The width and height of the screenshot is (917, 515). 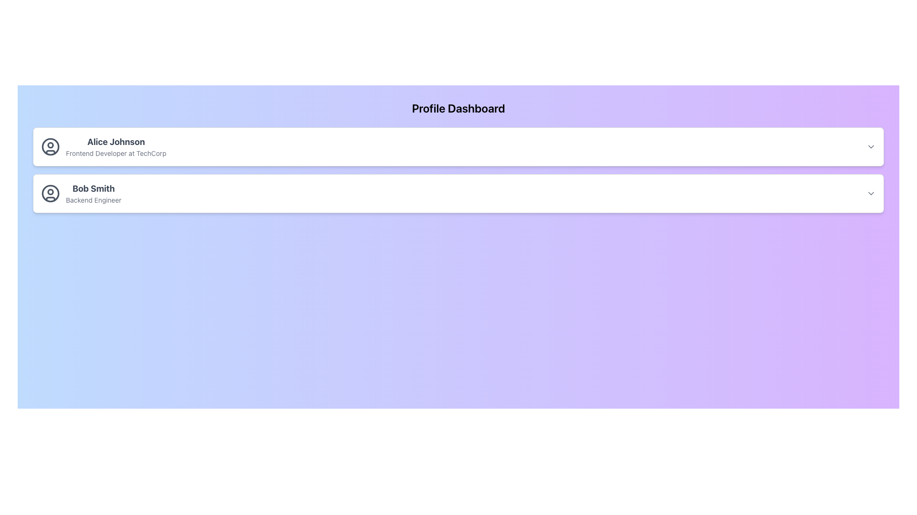 What do you see at coordinates (94, 200) in the screenshot?
I see `the Text label displaying the job title of 'Bob Smith' for accessibility tools` at bounding box center [94, 200].